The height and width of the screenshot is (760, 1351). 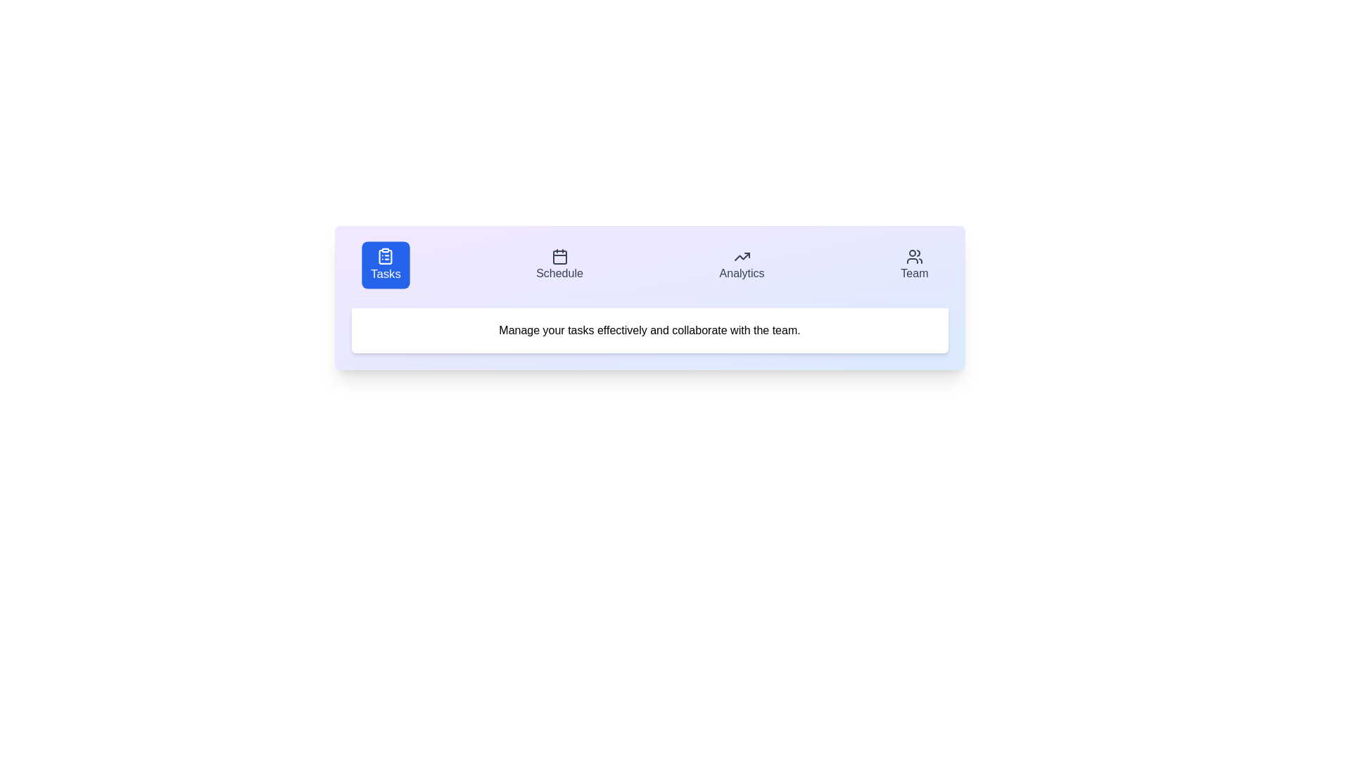 What do you see at coordinates (741, 265) in the screenshot?
I see `the Analytics tab by clicking on its respective button` at bounding box center [741, 265].